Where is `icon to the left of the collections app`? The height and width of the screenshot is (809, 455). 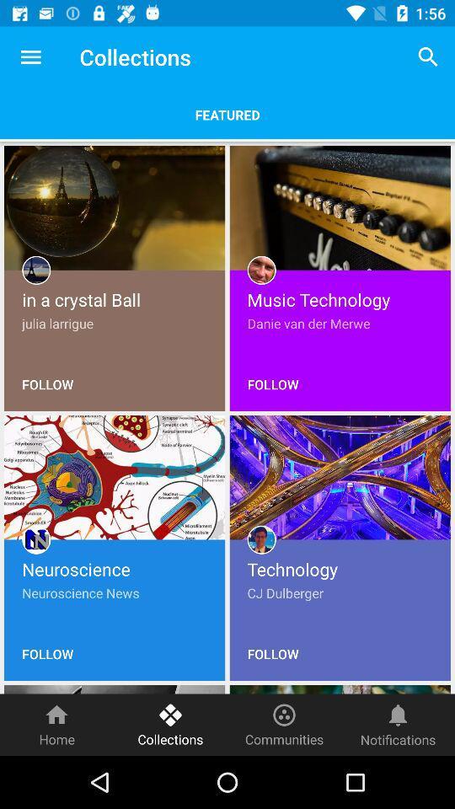
icon to the left of the collections app is located at coordinates (30, 57).